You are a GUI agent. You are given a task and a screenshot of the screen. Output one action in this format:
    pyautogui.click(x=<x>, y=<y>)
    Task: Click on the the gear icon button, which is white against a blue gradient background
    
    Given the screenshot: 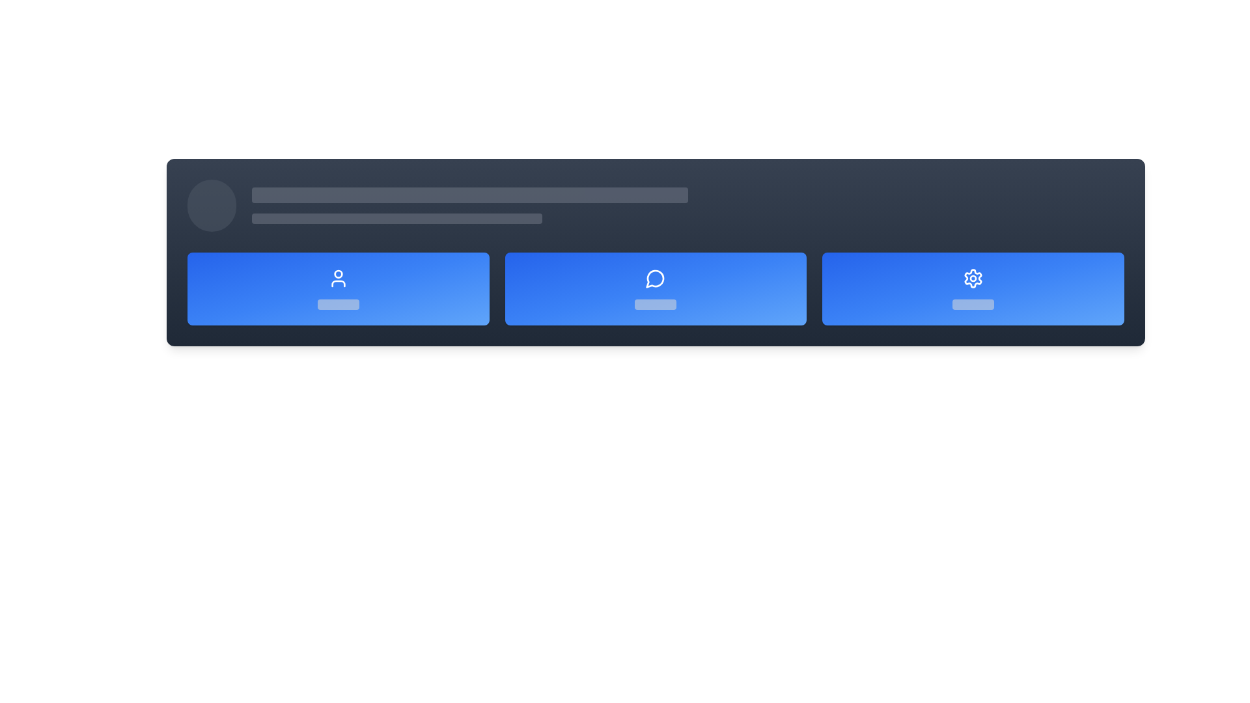 What is the action you would take?
    pyautogui.click(x=973, y=278)
    